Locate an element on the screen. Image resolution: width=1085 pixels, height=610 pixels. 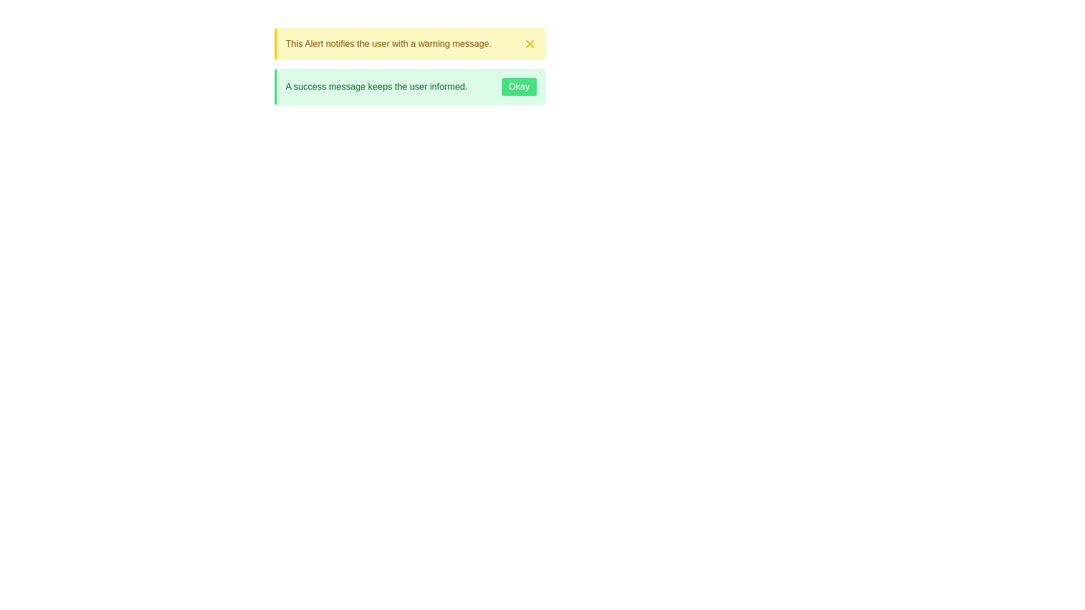
the close icon located in the top-right corner of the yellow warning alert box is located at coordinates (529, 43).